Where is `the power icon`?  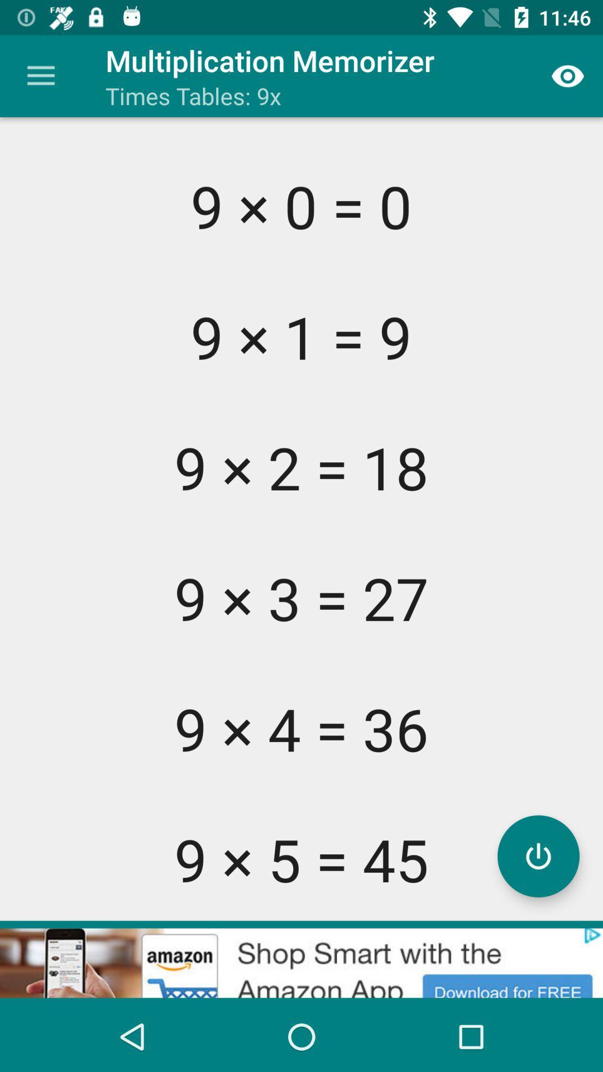 the power icon is located at coordinates (538, 855).